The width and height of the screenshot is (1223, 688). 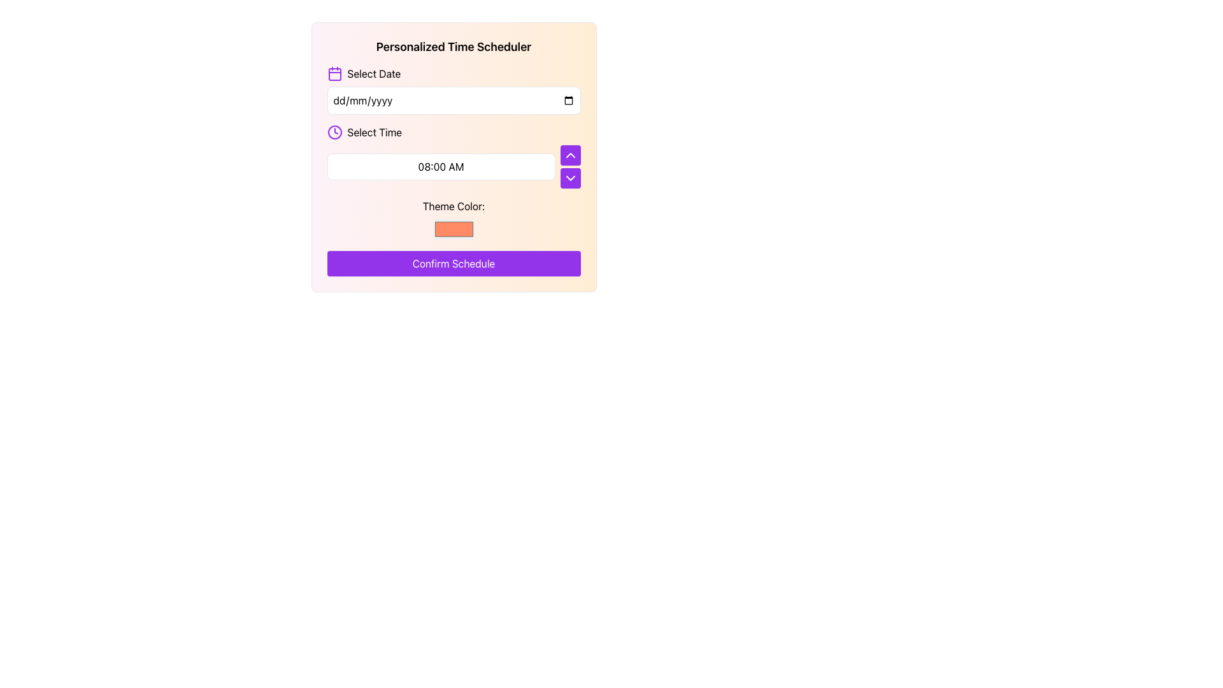 What do you see at coordinates (569, 178) in the screenshot?
I see `the button located below the upward arrow button to decrease the time value in the associated 'Select Time' input field` at bounding box center [569, 178].